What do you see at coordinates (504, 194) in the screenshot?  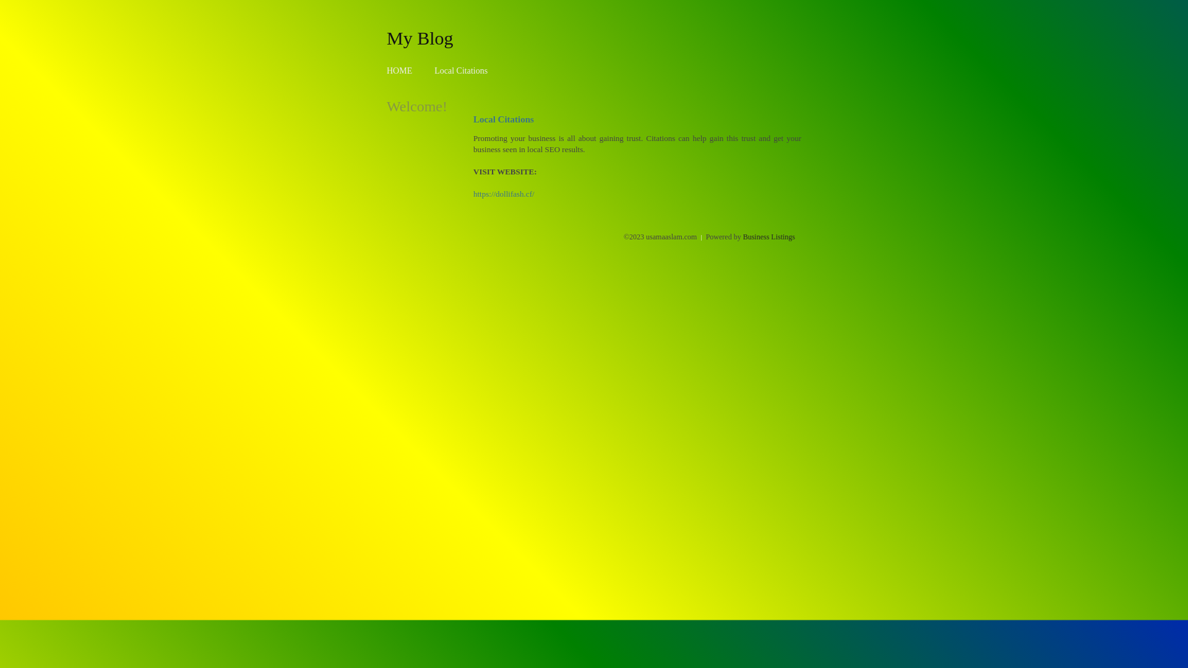 I see `'https://dollifash.cf/'` at bounding box center [504, 194].